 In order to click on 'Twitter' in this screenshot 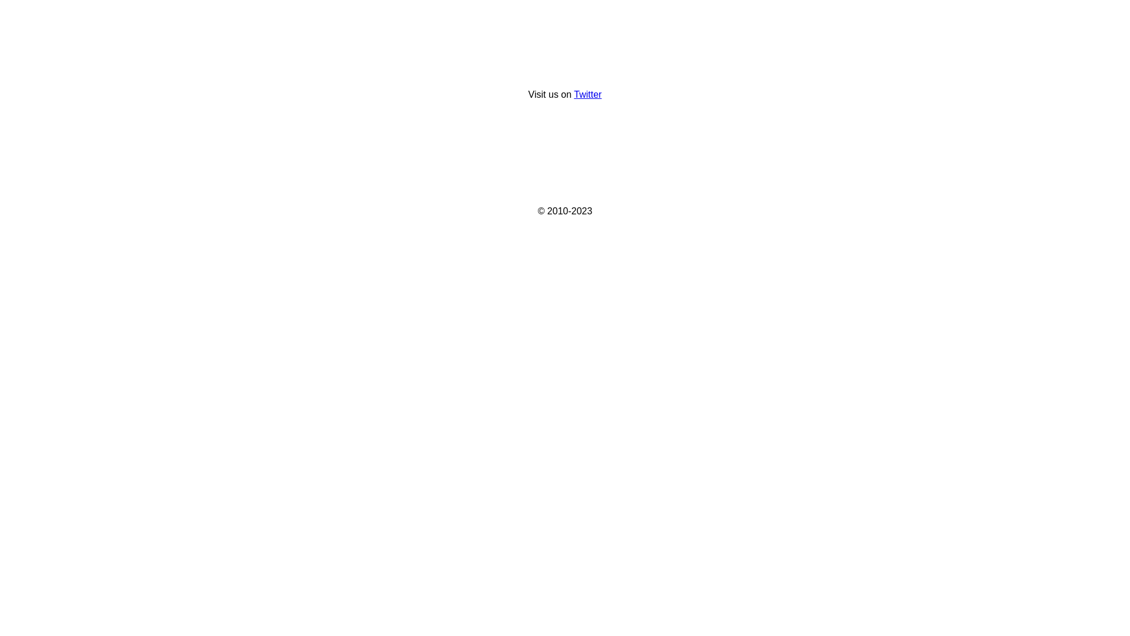, I will do `click(587, 94)`.